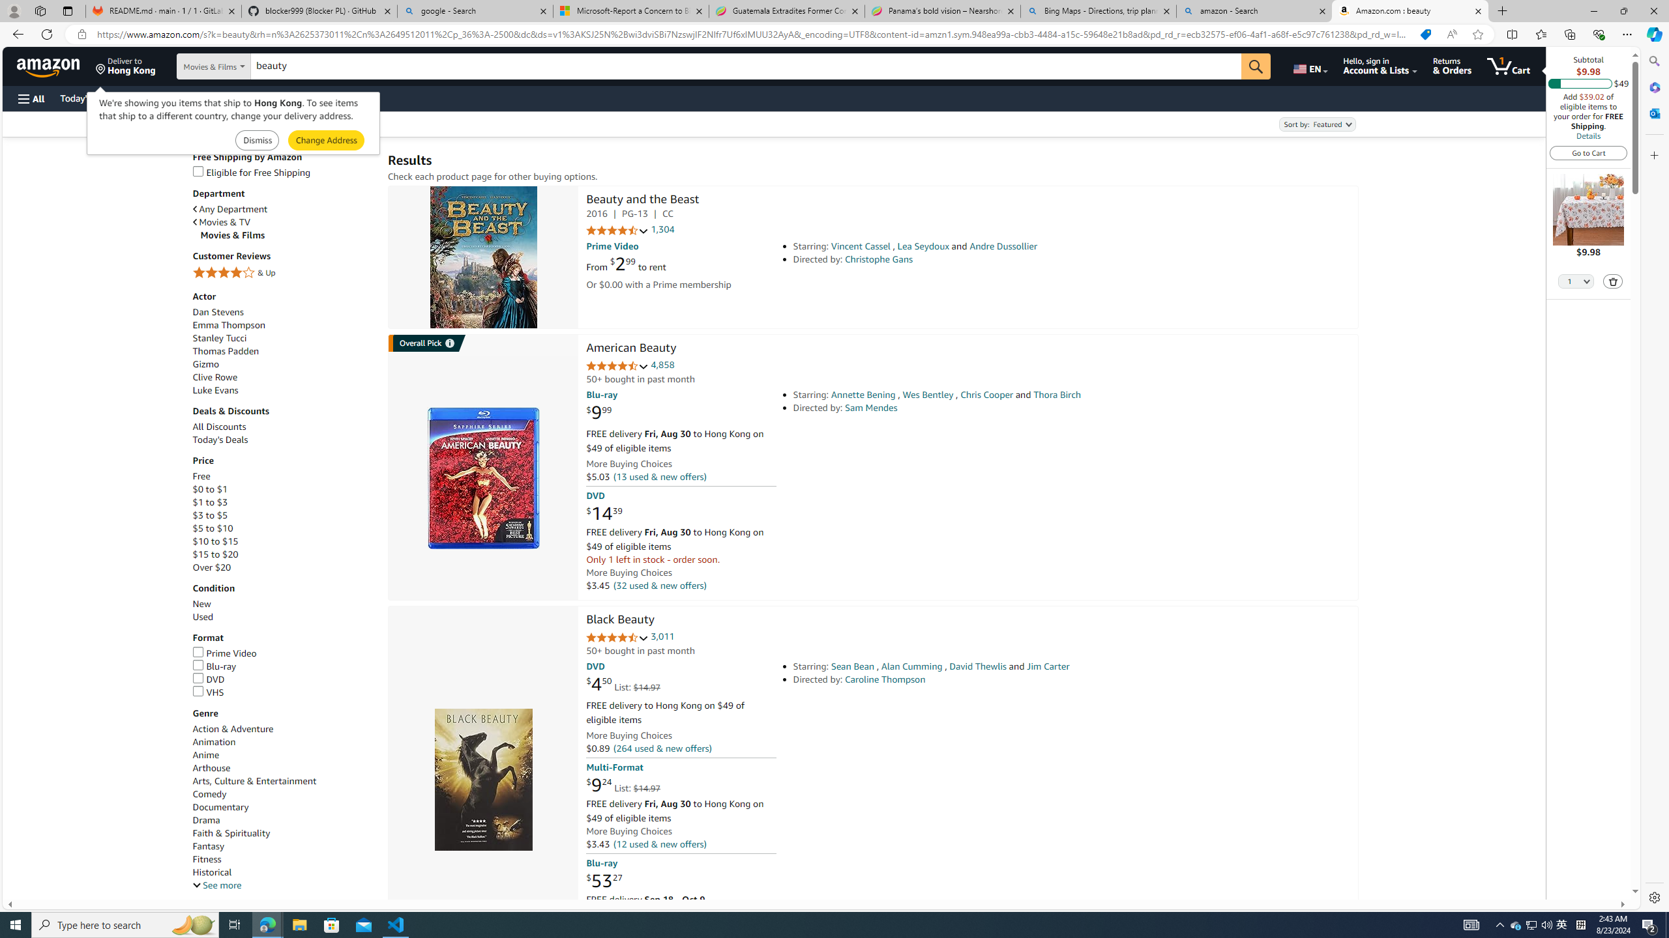  What do you see at coordinates (205, 364) in the screenshot?
I see `'Gizmo'` at bounding box center [205, 364].